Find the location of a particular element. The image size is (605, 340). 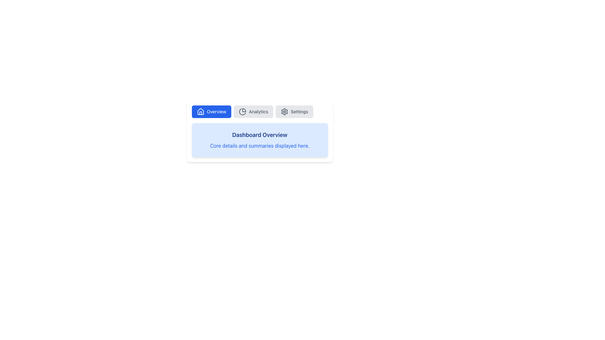

information displayed in the Informational Section located beneath the navigation buttons labeled 'Overview,' 'Analytics,' and 'Settings.' is located at coordinates (260, 131).